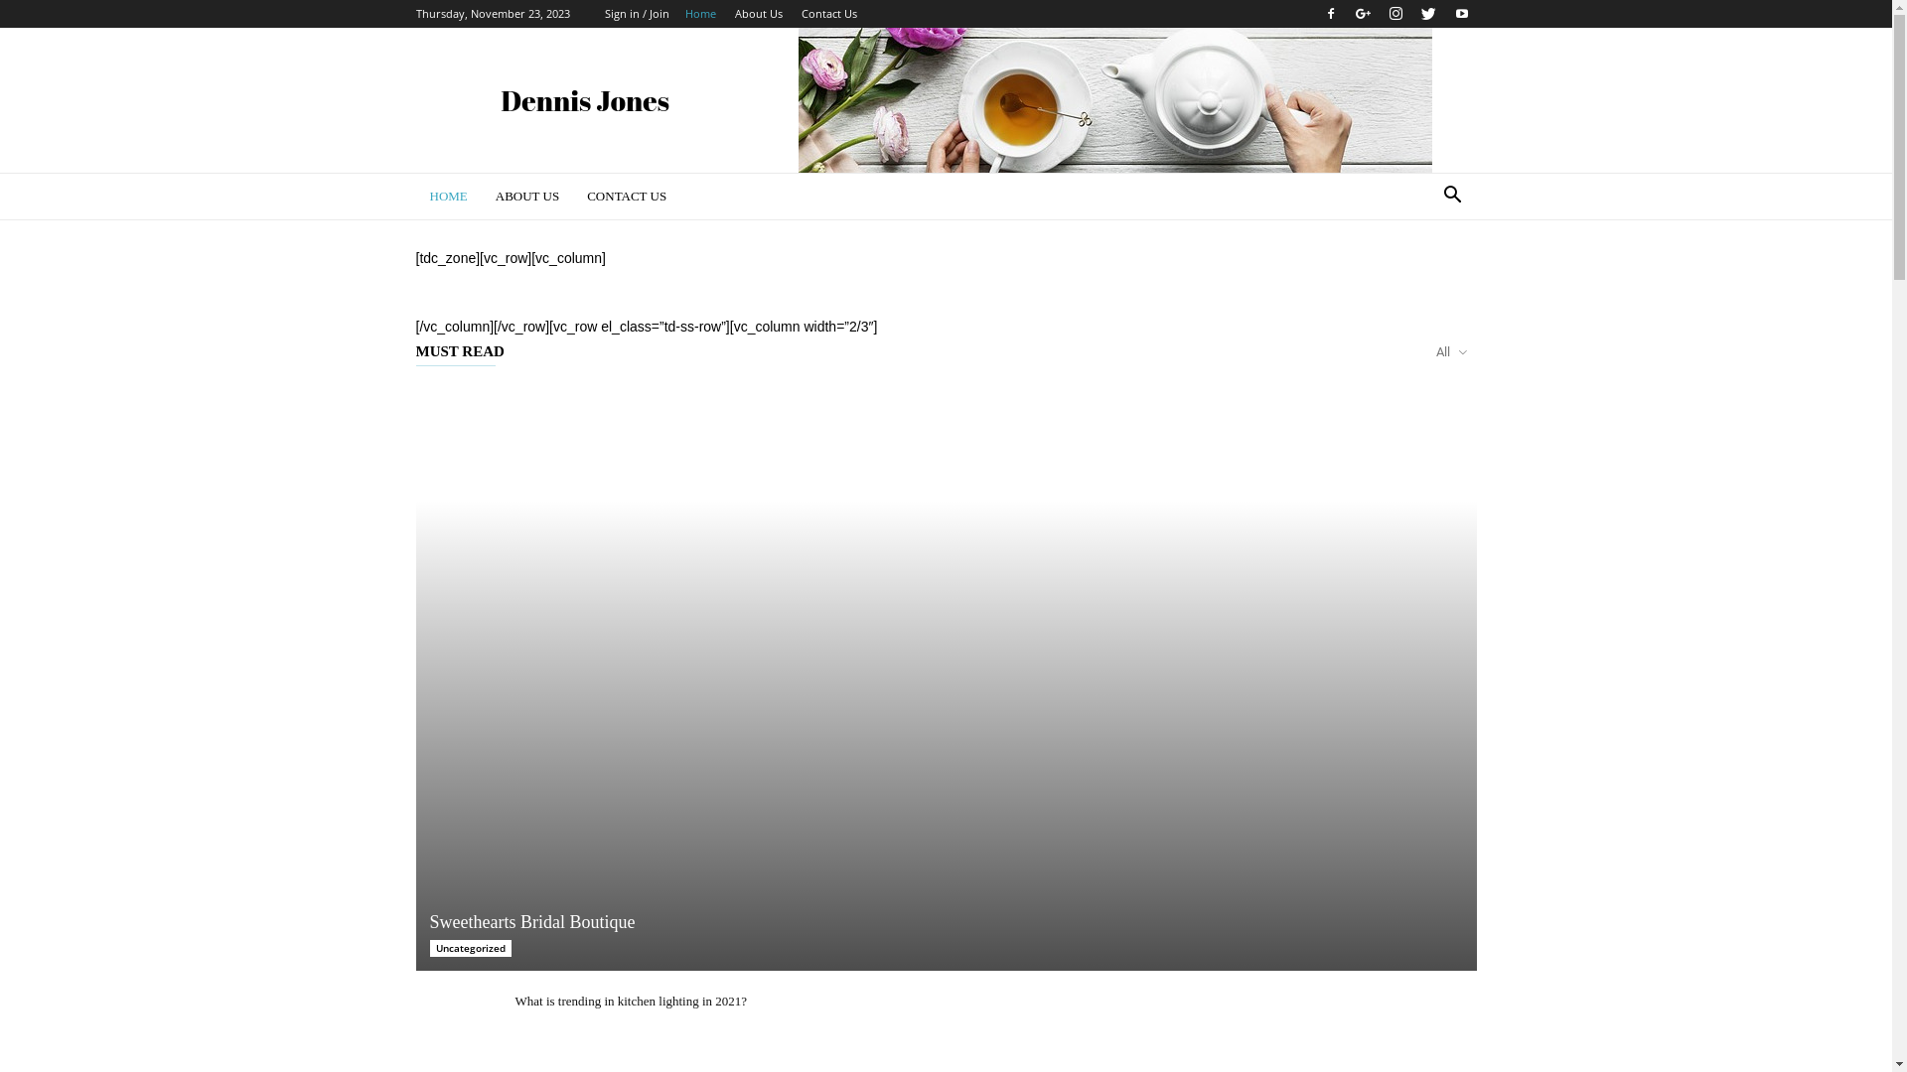 The image size is (1907, 1072). Describe the element at coordinates (629, 1001) in the screenshot. I see `'What is trending in kitchen lighting in 2021?'` at that location.